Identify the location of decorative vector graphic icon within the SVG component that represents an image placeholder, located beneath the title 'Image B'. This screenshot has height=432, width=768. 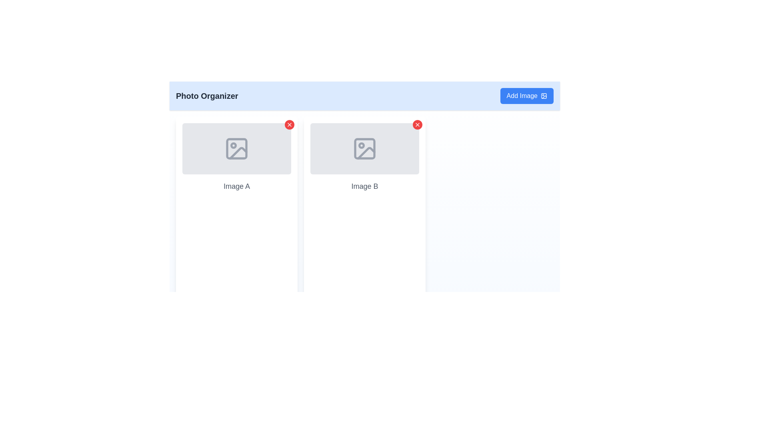
(366, 153).